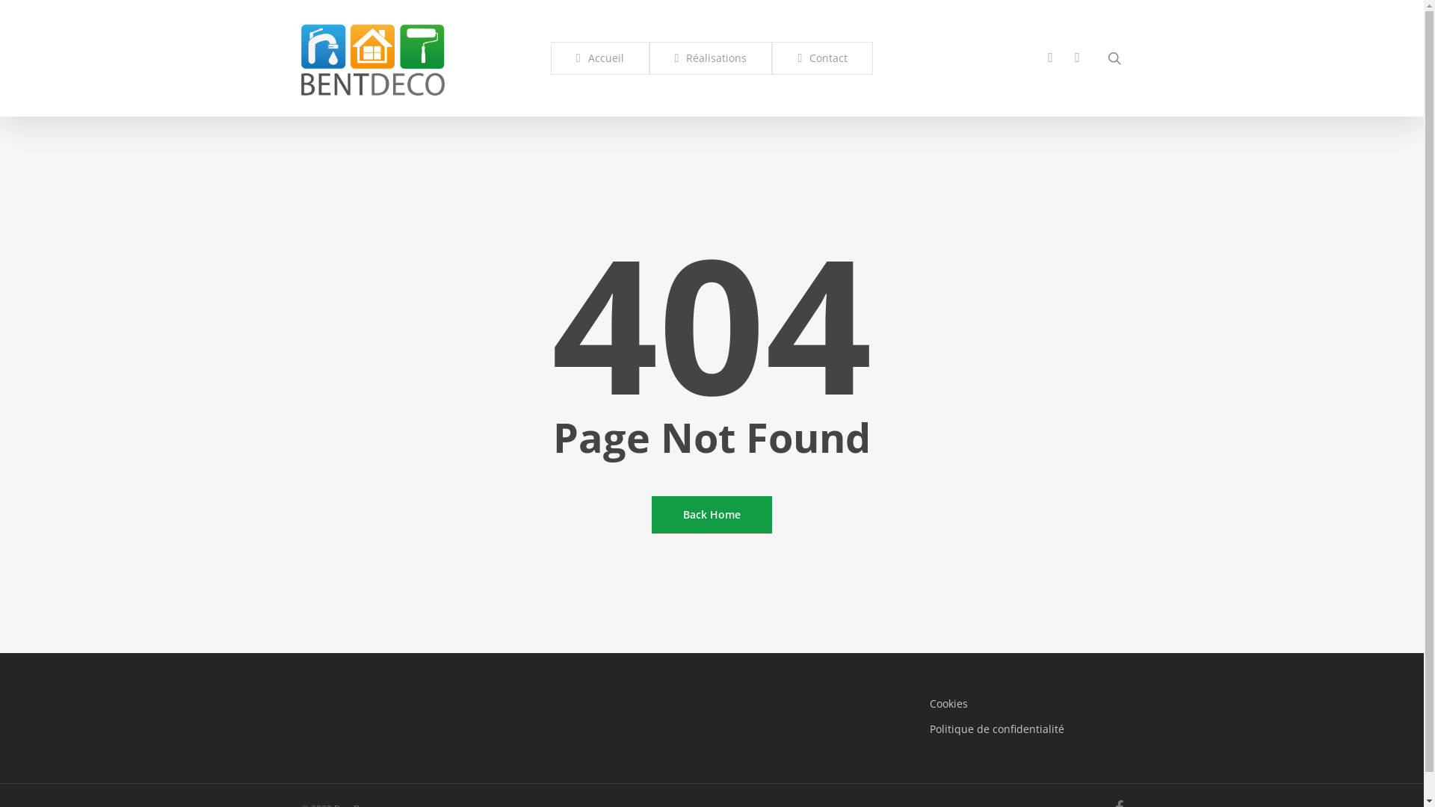 Image resolution: width=1435 pixels, height=807 pixels. I want to click on 'Cookies', so click(1025, 703).